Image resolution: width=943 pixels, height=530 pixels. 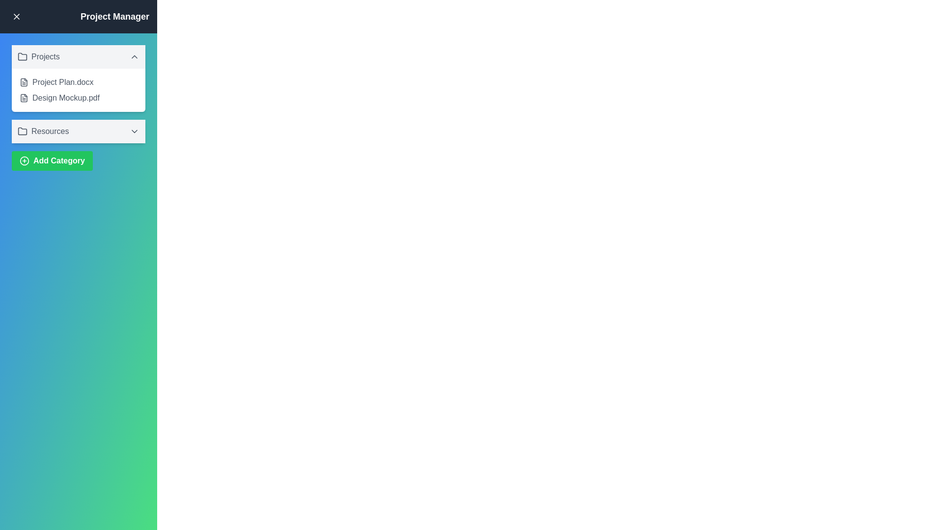 What do you see at coordinates (78, 82) in the screenshot?
I see `the 'Project Plan.docx' file entry item in the Projects dropdown list located in the left-hand panel` at bounding box center [78, 82].